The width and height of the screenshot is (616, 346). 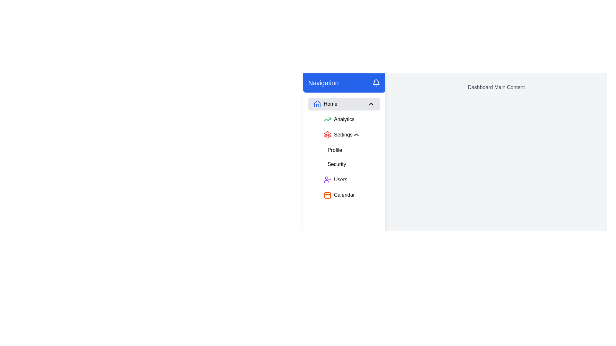 What do you see at coordinates (349, 157) in the screenshot?
I see `the 'Security' option within the Navigation submenu located under 'Settings' in the sidebar` at bounding box center [349, 157].